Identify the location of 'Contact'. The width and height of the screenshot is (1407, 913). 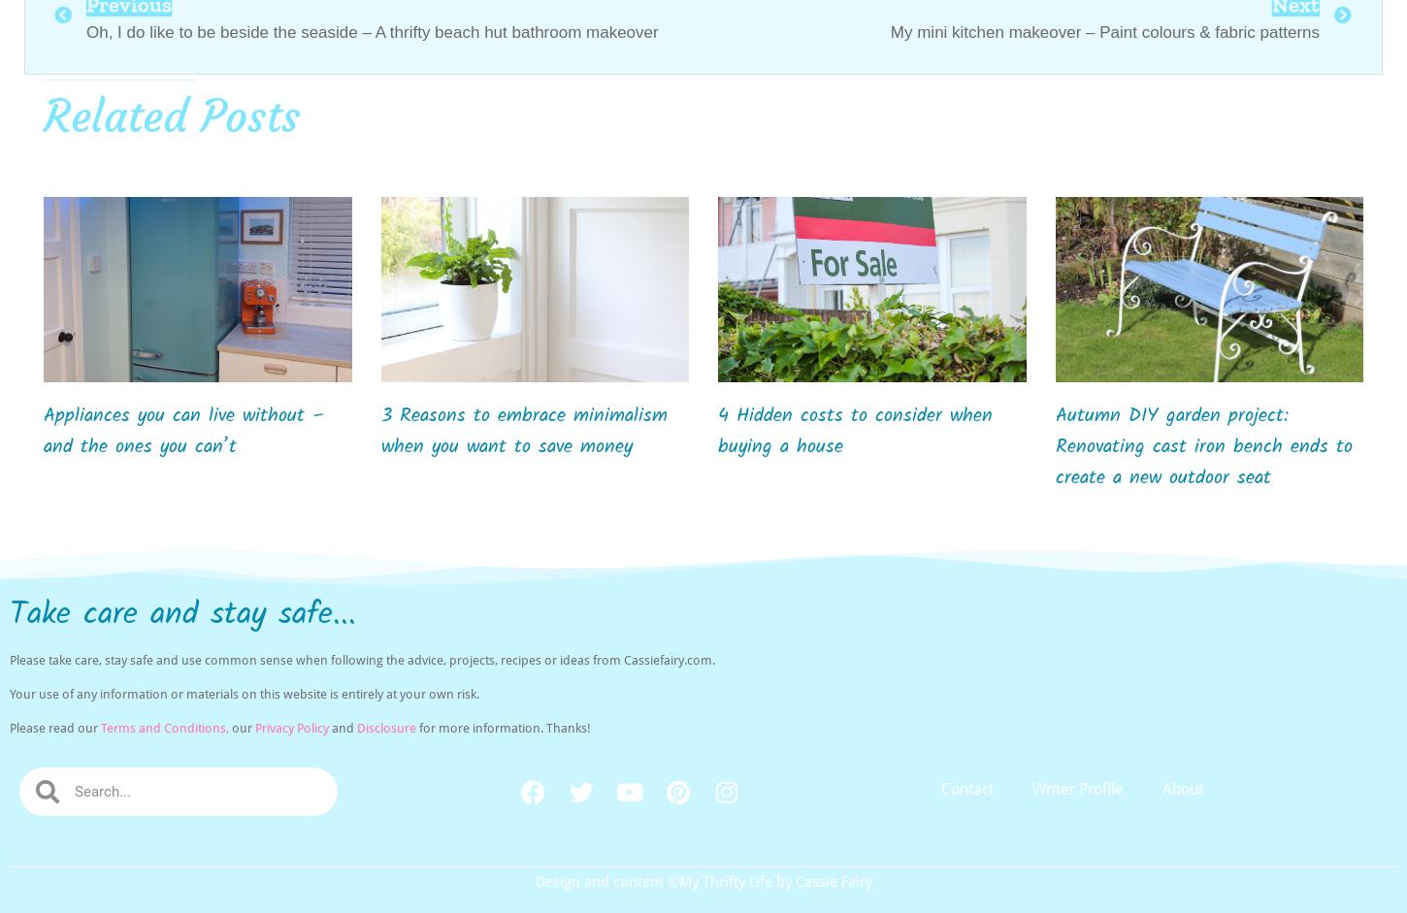
(941, 789).